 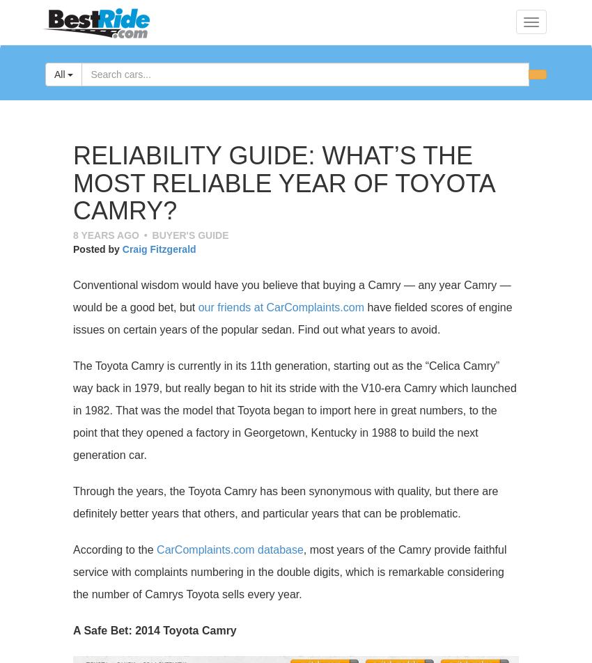 I want to click on 'CarComplaints.com database', so click(x=229, y=549).